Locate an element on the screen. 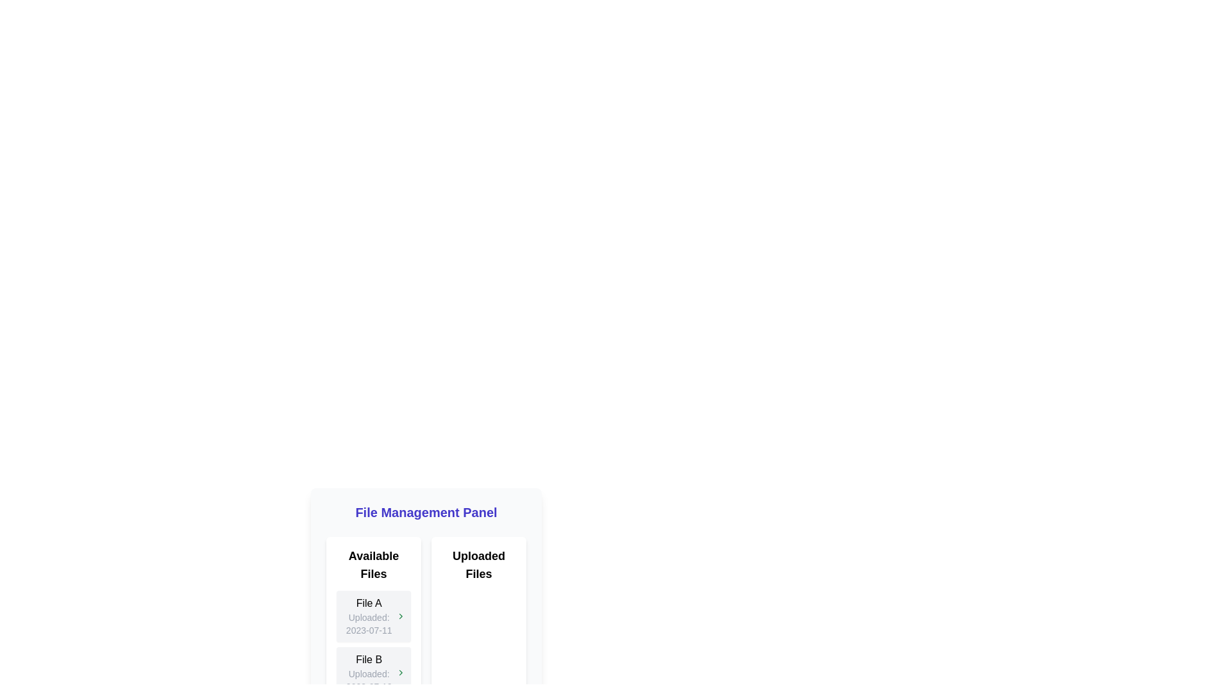 The height and width of the screenshot is (692, 1231). the text label representing 'File A' is located at coordinates (368, 603).